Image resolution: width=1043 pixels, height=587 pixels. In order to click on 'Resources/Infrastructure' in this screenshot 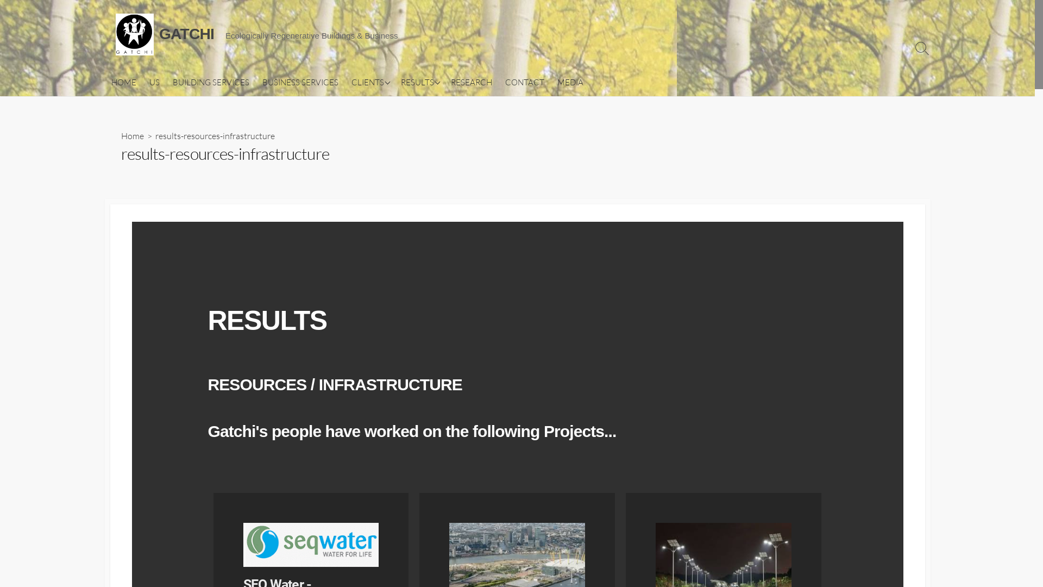, I will do `click(398, 159)`.